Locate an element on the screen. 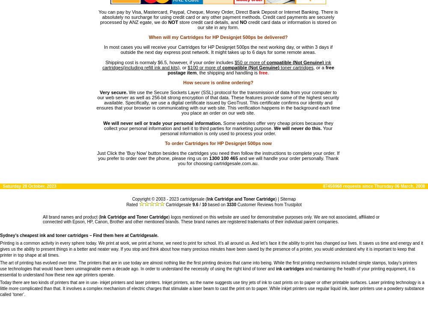 The width and height of the screenshot is (428, 311). 'Your personal information is only used to process your order.' is located at coordinates (246, 130).